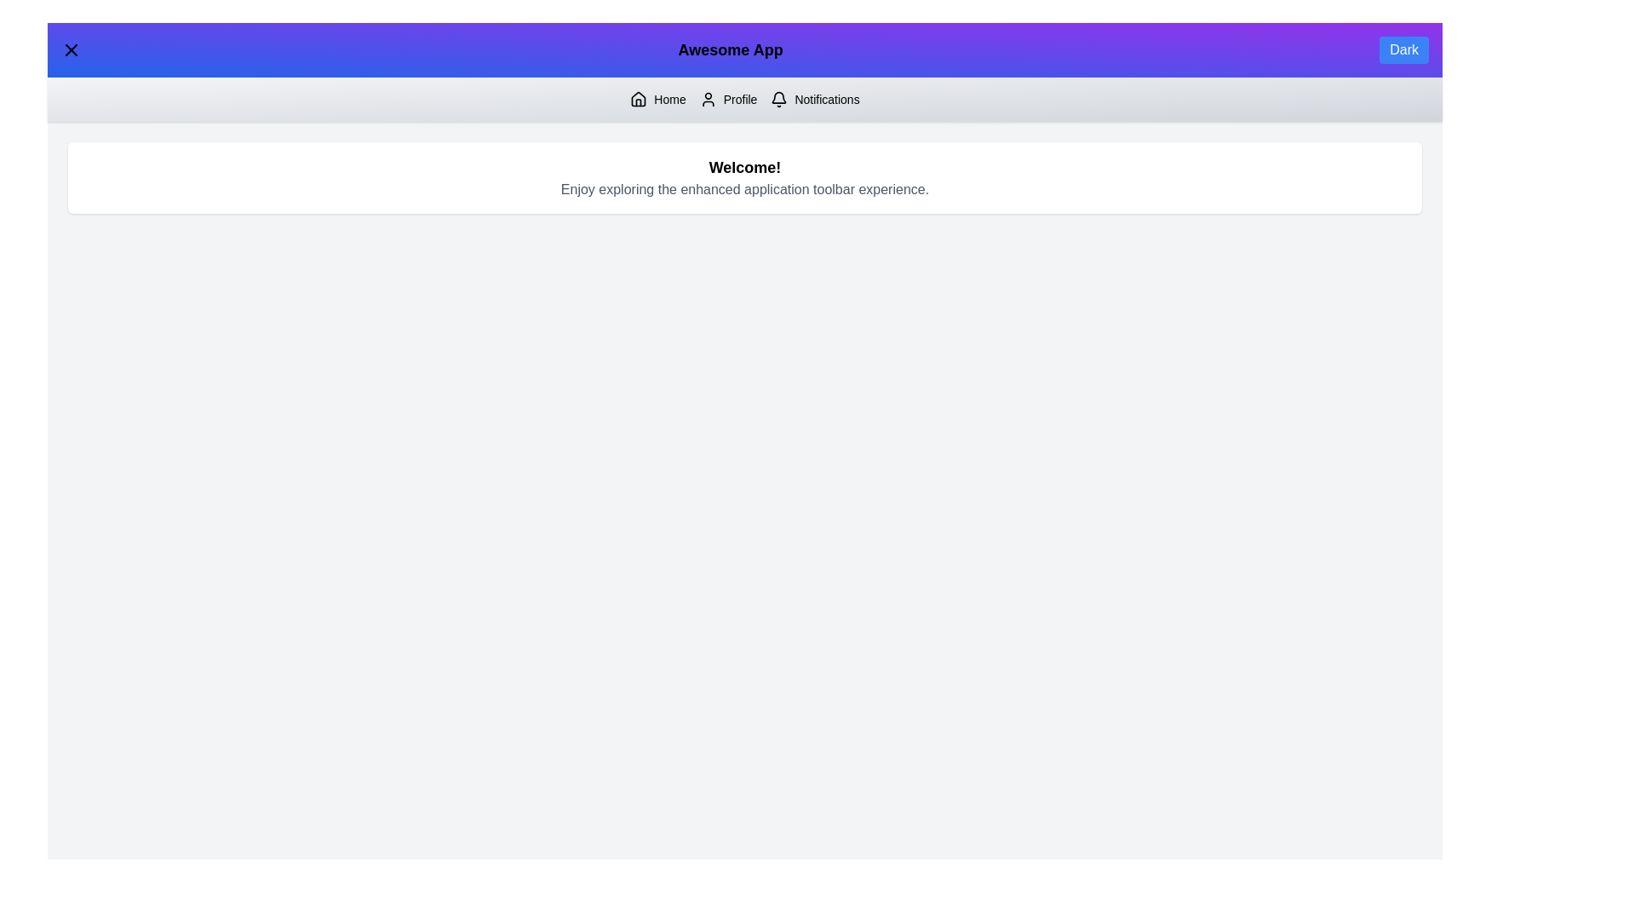 The image size is (1635, 920). What do you see at coordinates (728, 99) in the screenshot?
I see `the 'Profile' button to navigate to the Profile section` at bounding box center [728, 99].